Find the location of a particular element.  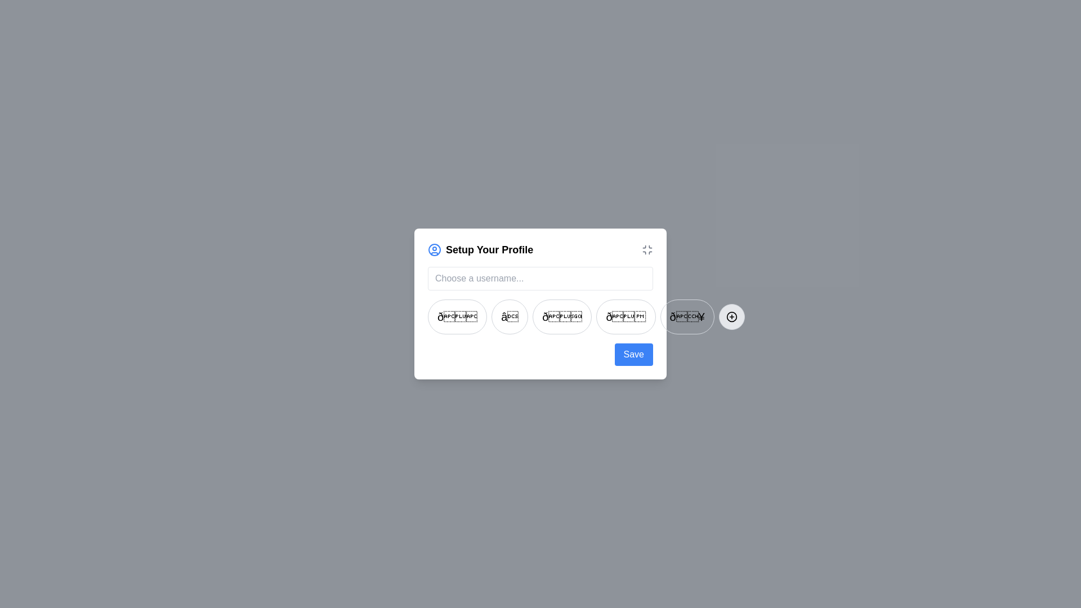

the 'Save' button located at the bottom-right corner of the 'Setup Your Profile' modal is located at coordinates (633, 354).